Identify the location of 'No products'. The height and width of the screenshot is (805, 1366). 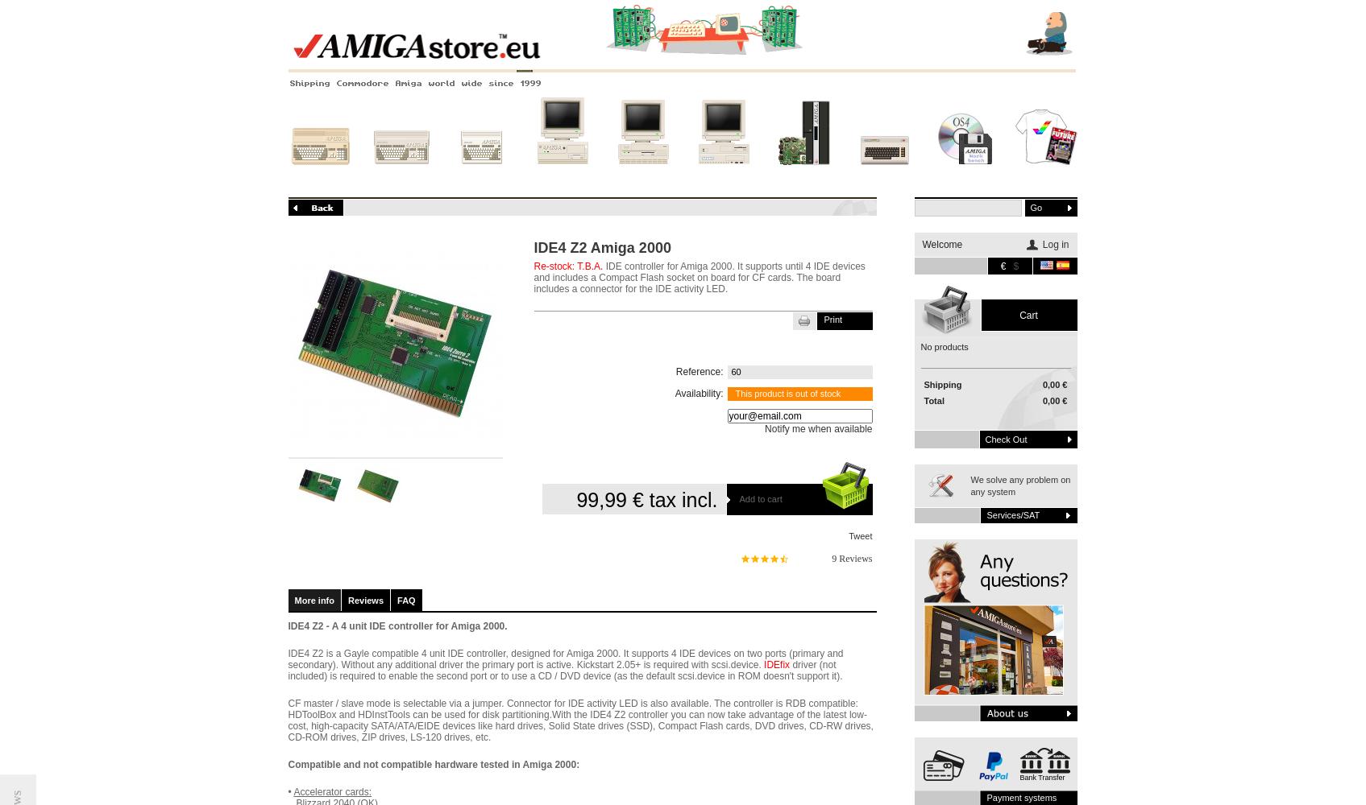
(943, 347).